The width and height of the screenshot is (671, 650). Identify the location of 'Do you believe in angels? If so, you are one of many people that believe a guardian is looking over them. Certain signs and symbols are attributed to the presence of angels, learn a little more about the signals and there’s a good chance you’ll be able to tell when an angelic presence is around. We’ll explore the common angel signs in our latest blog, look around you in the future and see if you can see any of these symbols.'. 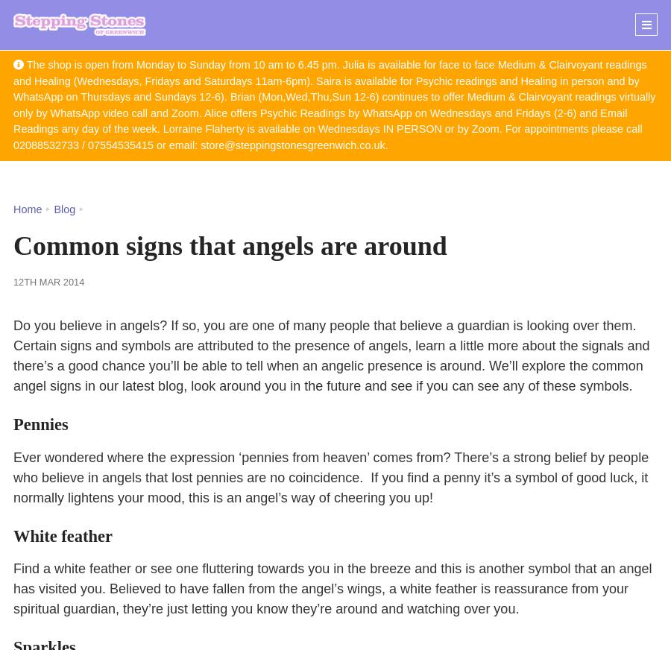
(331, 355).